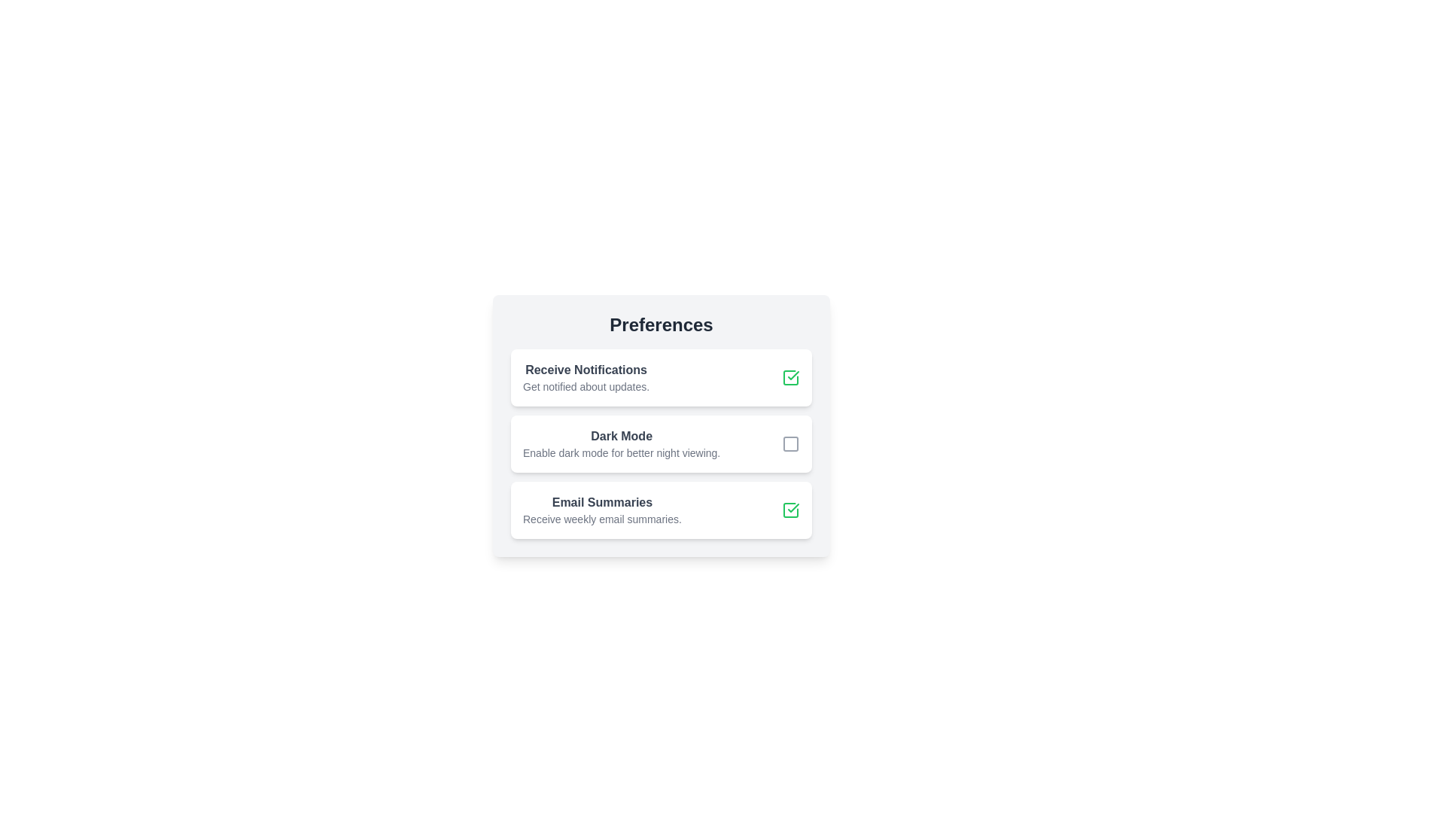 The image size is (1445, 813). What do you see at coordinates (661, 324) in the screenshot?
I see `the title text indicating 'Preferences', located at the top-center of the settings card` at bounding box center [661, 324].